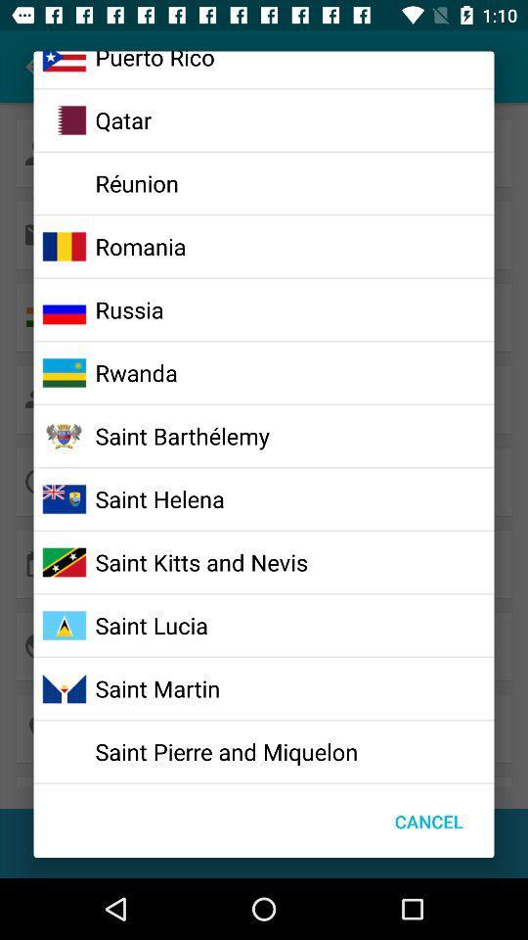  Describe the element at coordinates (129, 309) in the screenshot. I see `item above rwanda item` at that location.